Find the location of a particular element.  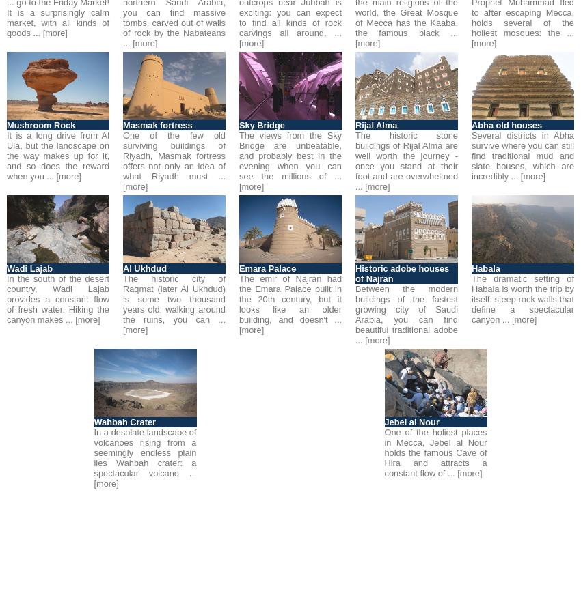

'The historic stone buildings of Rijal Alma are well worth the journey - once you stand at their foot and are overwhelmed  ... [more]' is located at coordinates (407, 161).